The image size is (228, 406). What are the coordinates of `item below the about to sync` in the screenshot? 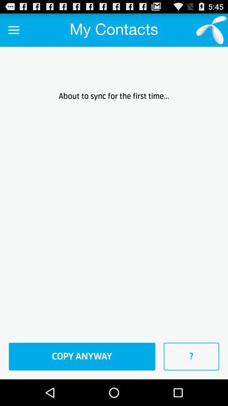 It's located at (191, 356).